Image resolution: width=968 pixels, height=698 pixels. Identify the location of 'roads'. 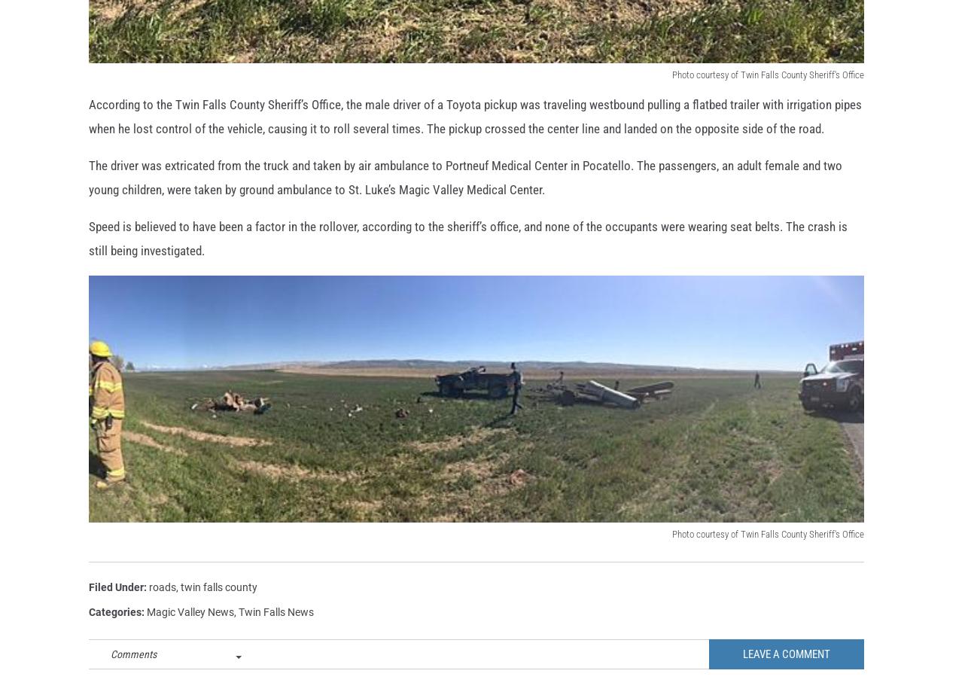
(149, 611).